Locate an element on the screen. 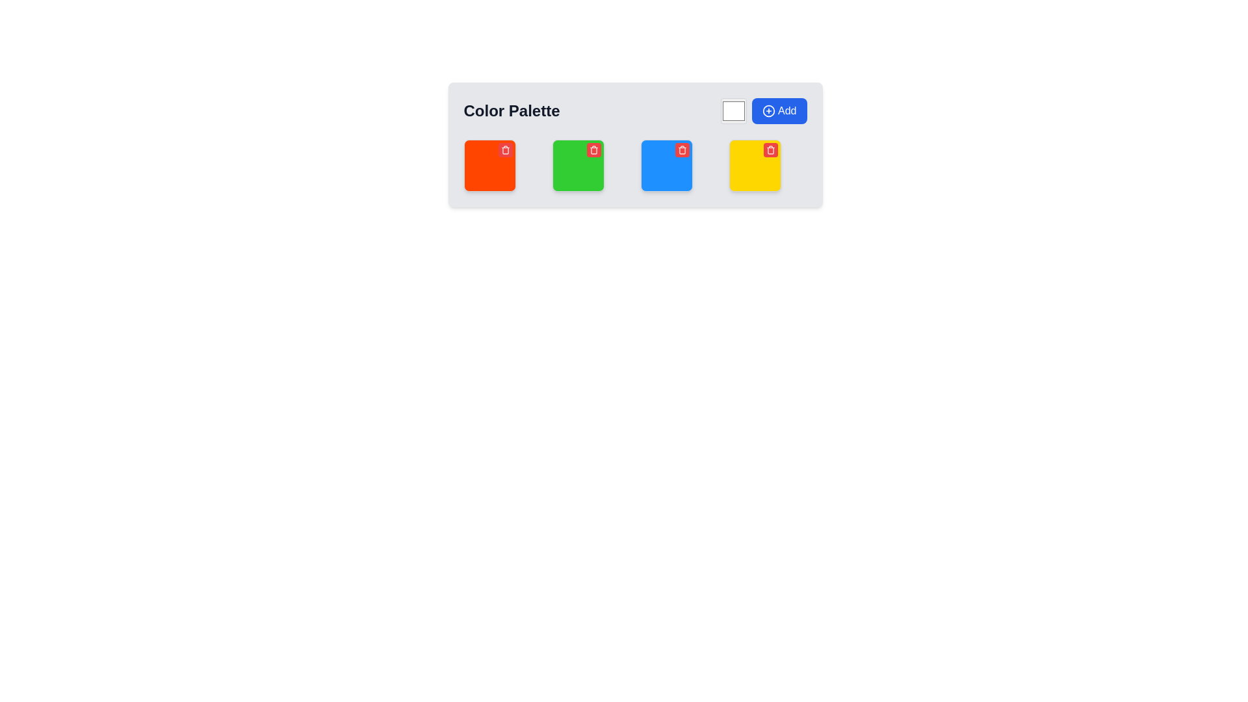  the trashcan icon located at the top-right corner of the orange square in the color palette is located at coordinates (504, 149).